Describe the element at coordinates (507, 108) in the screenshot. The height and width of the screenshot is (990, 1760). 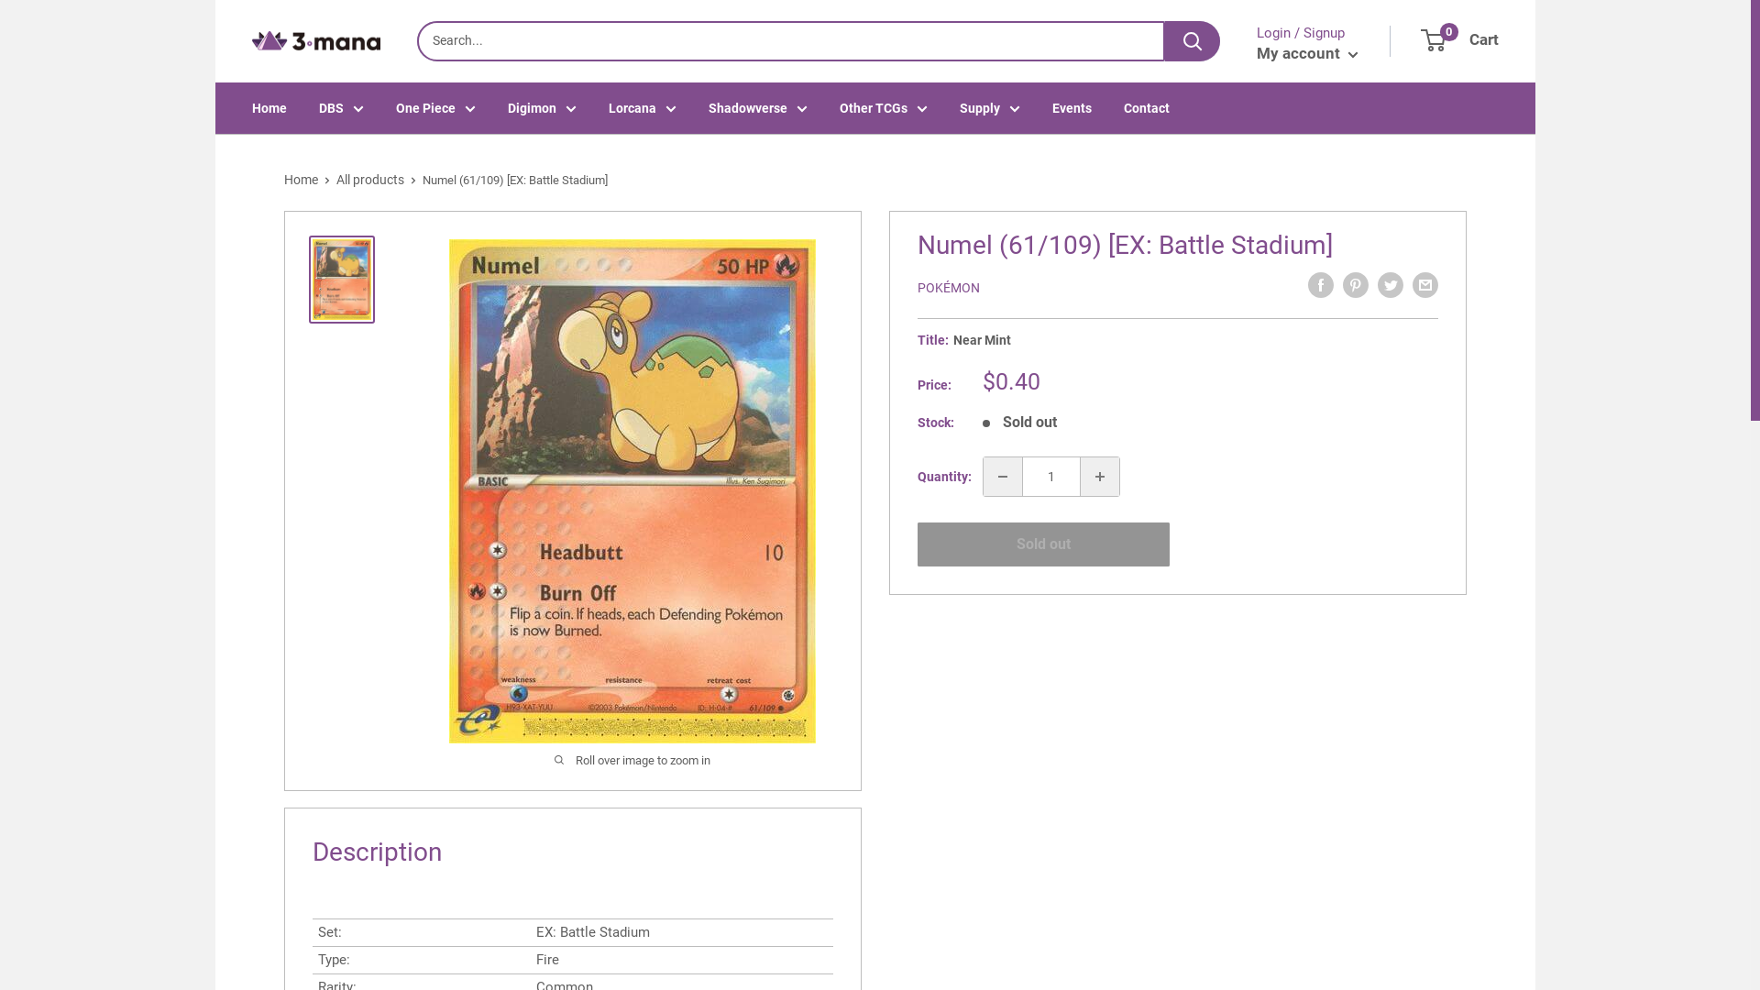
I see `'Digimon'` at that location.